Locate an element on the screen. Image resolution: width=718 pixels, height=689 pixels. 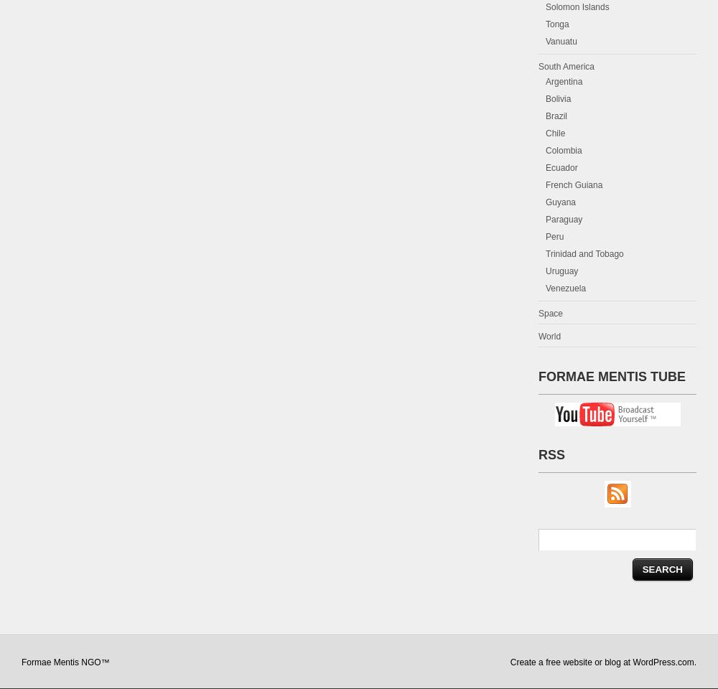
'Venezuela' is located at coordinates (566, 287).